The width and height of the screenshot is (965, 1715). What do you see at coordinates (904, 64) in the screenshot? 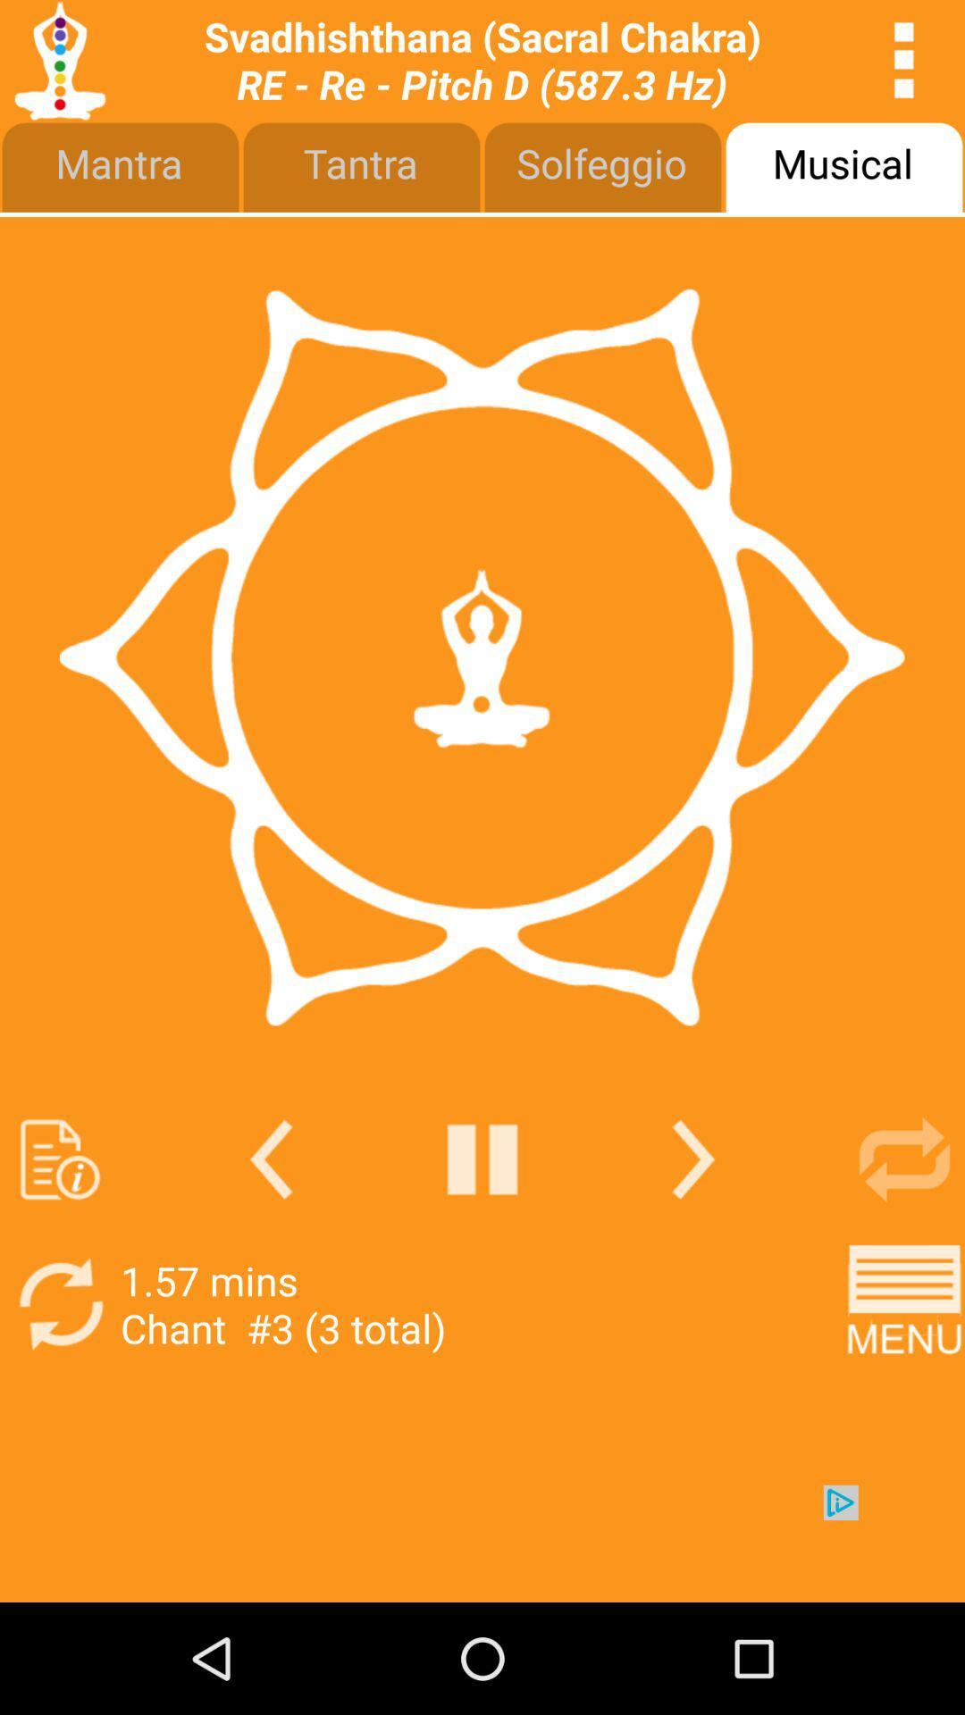
I see `the more icon` at bounding box center [904, 64].